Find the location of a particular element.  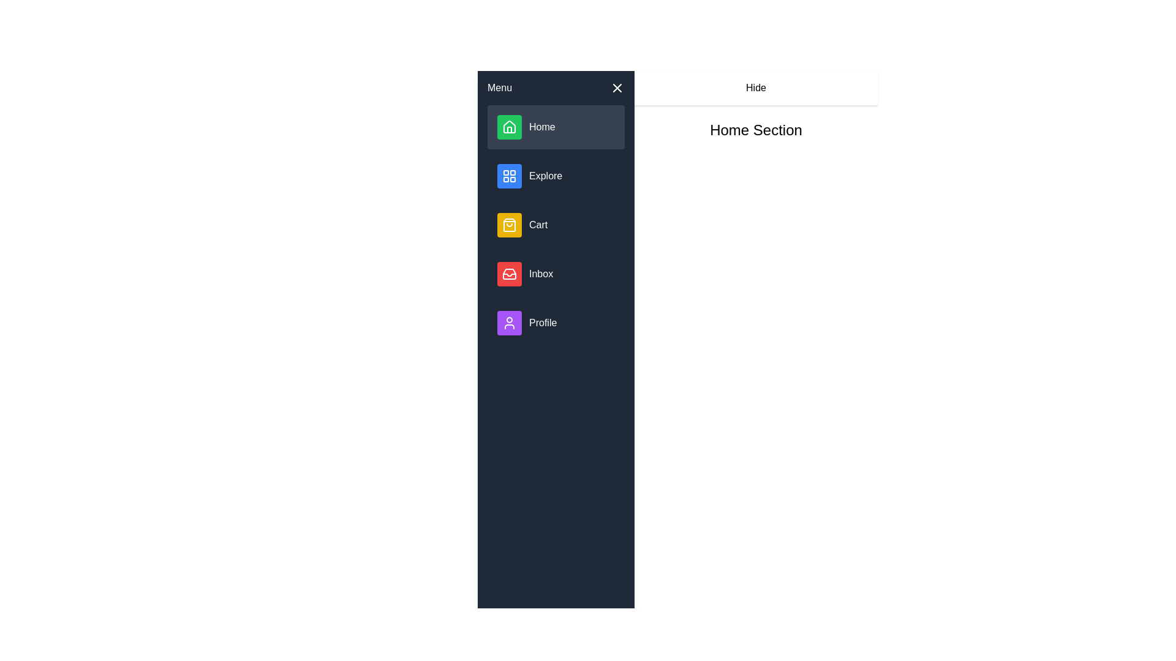

SVG properties of the shopping bag icon, which is part of the 'Cart' option in the vertical menu list on the left side of the interface is located at coordinates (509, 225).